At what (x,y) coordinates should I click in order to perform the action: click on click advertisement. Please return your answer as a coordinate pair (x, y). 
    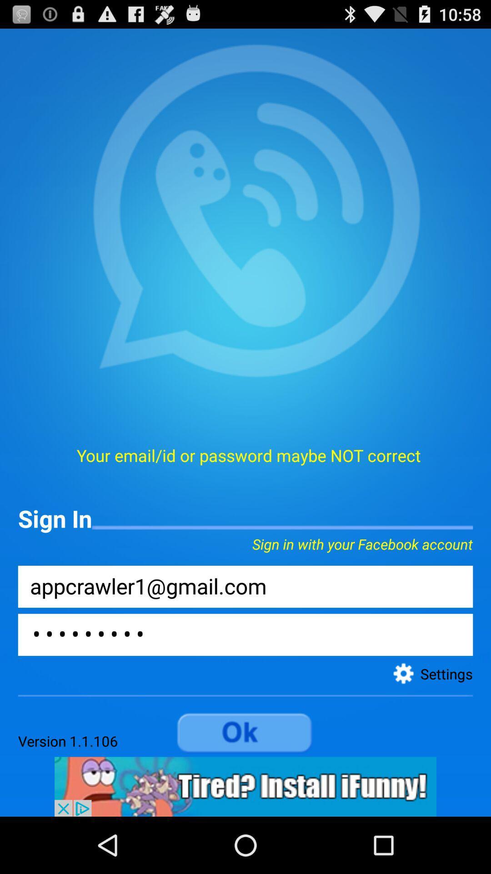
    Looking at the image, I should click on (245, 786).